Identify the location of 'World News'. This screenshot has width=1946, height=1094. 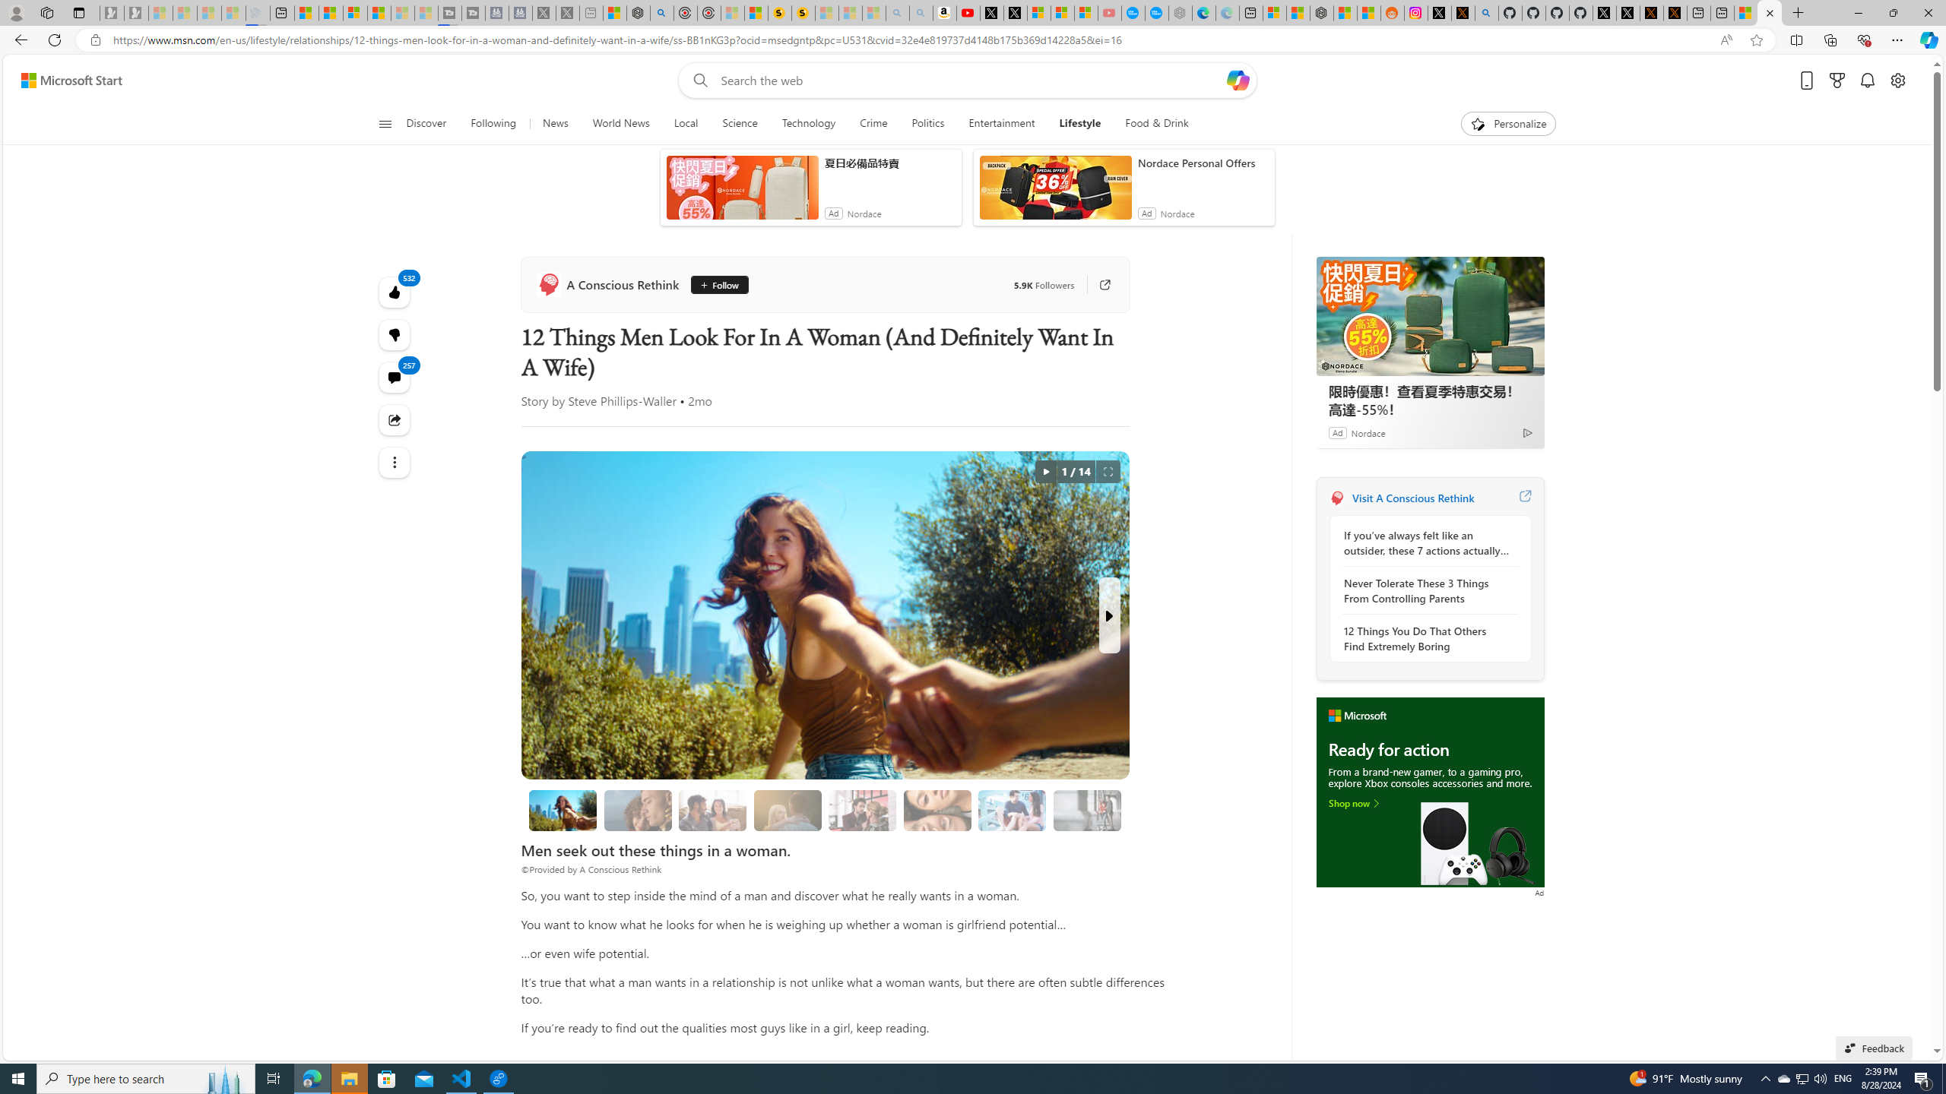
(620, 123).